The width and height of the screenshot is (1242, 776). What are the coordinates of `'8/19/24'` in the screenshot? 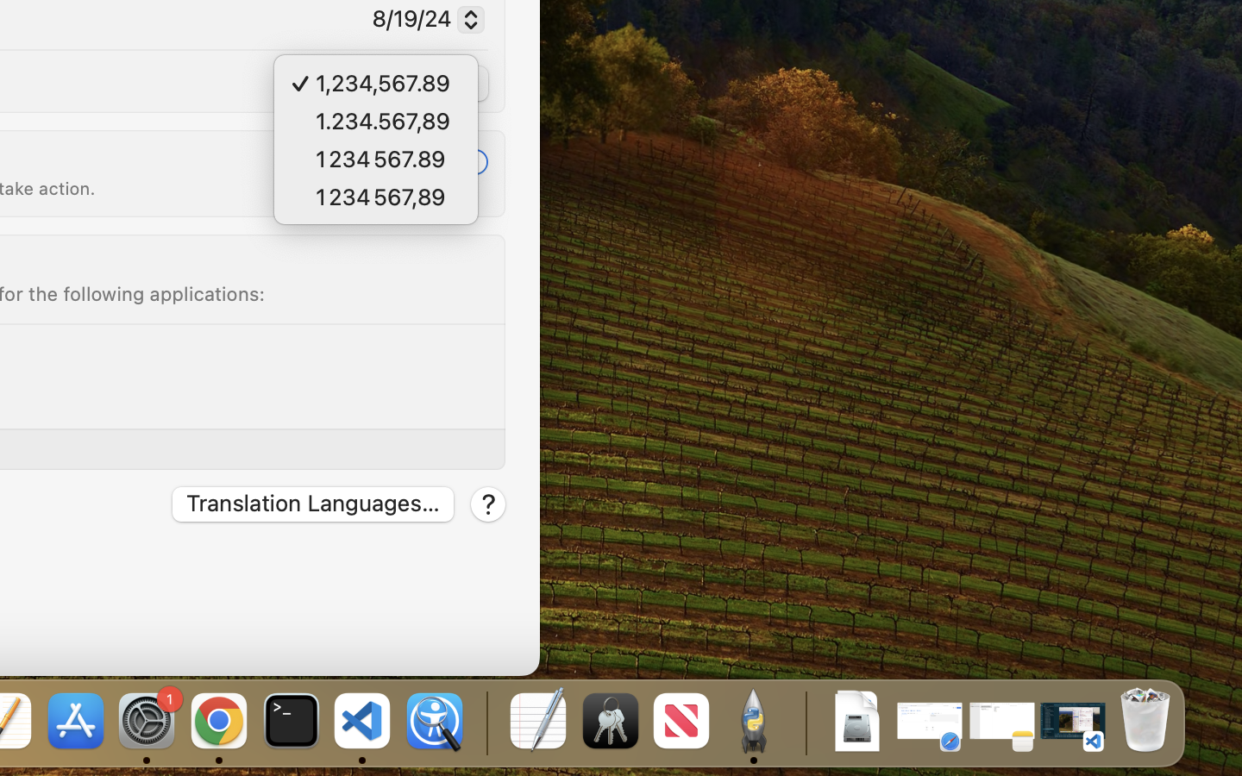 It's located at (420, 21).